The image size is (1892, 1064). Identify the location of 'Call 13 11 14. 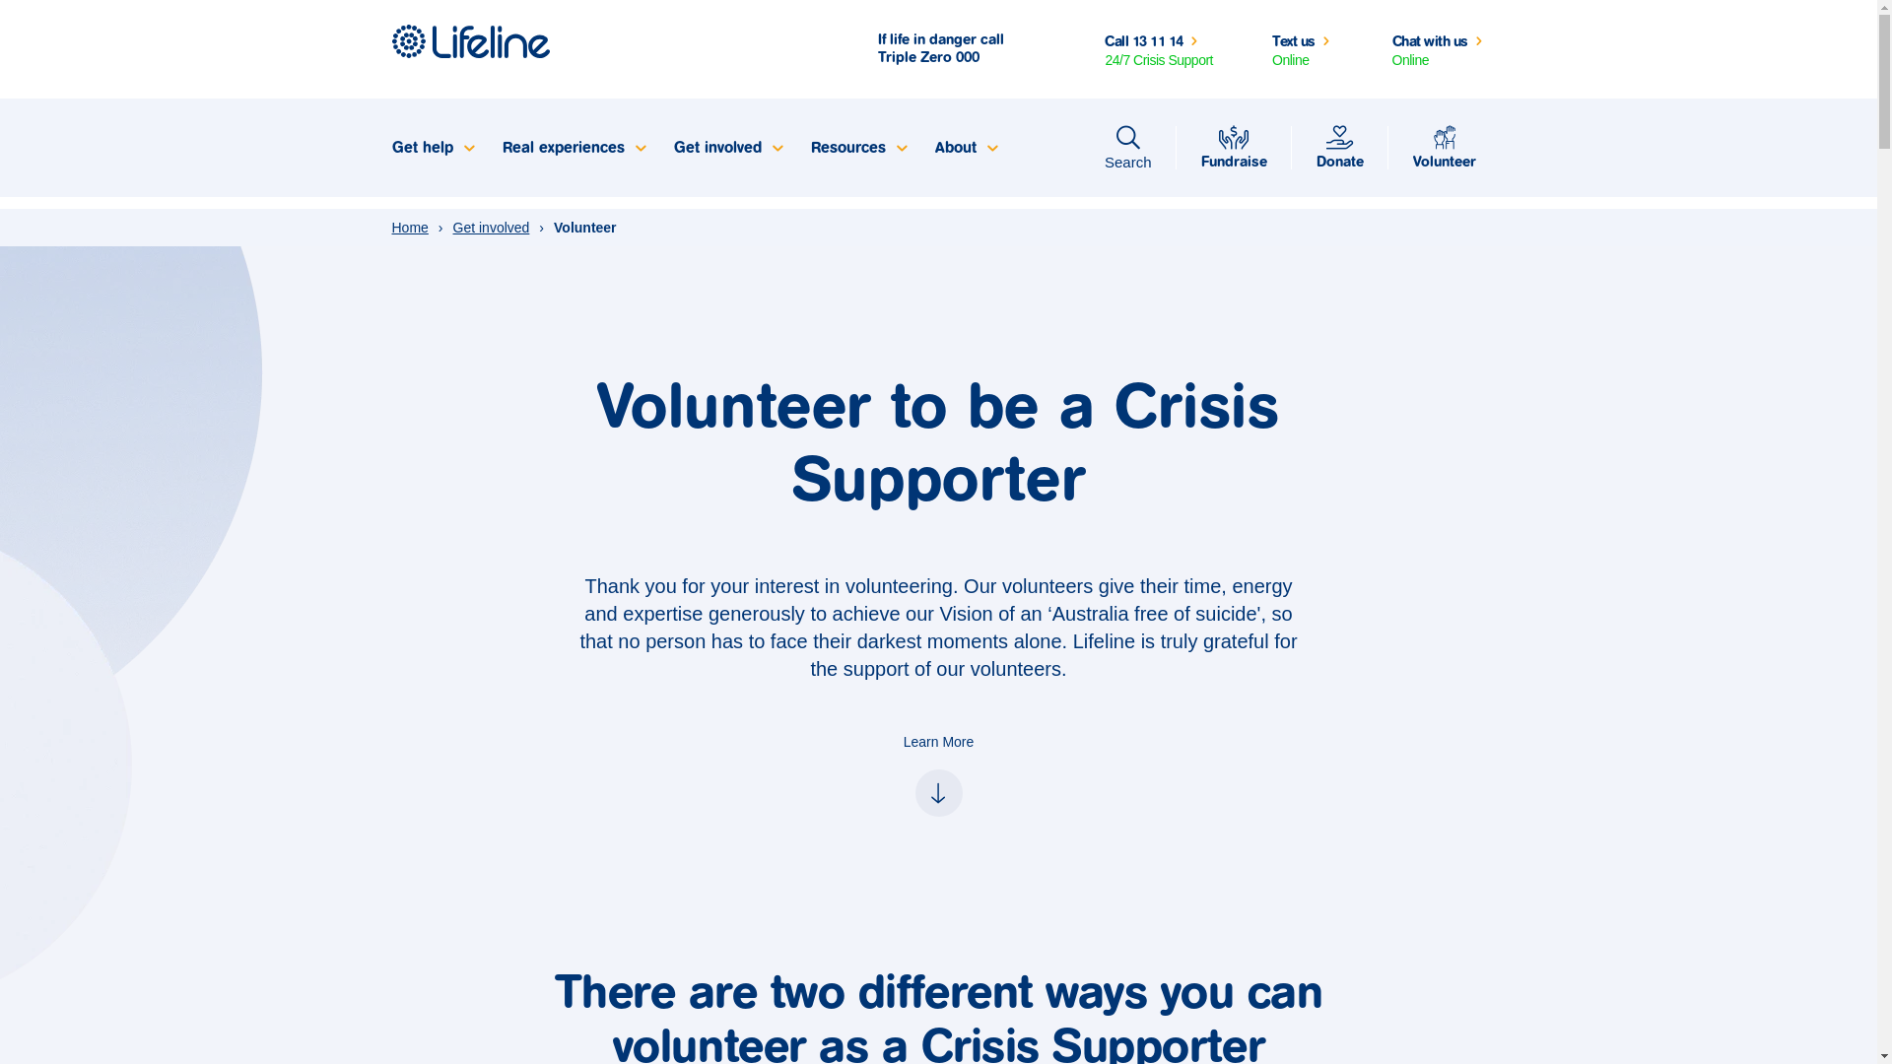
(1159, 48).